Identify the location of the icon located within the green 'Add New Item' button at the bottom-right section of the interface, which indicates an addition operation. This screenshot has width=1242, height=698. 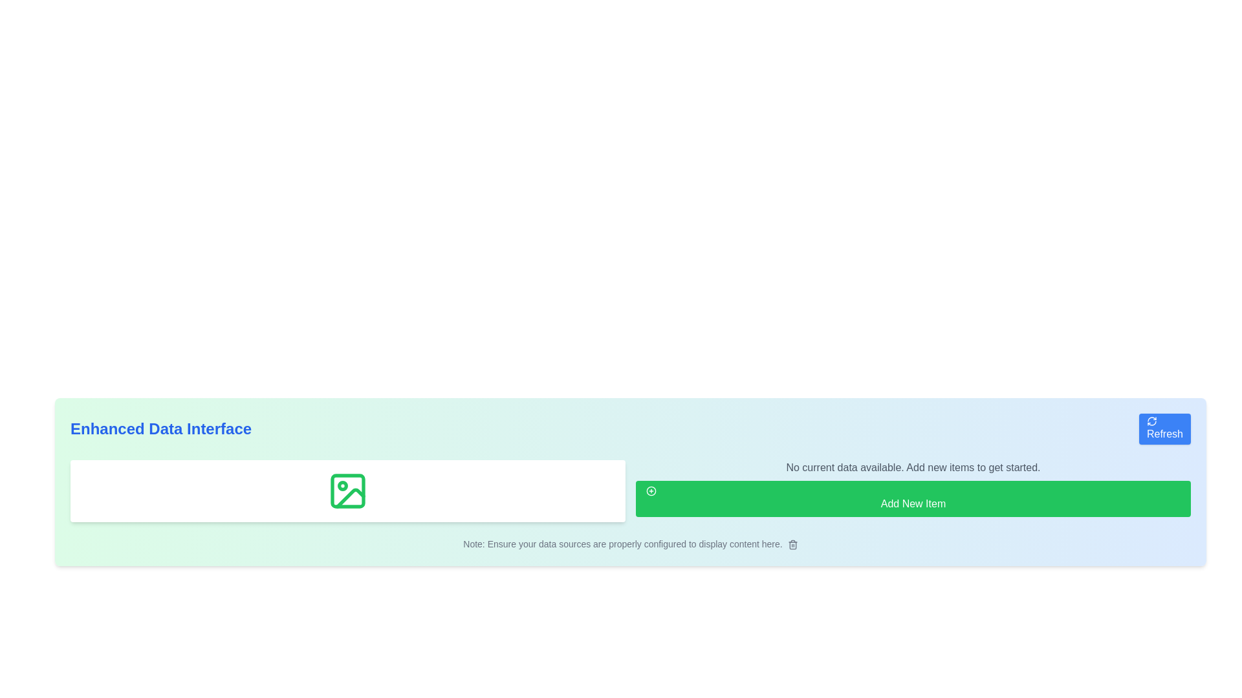
(651, 491).